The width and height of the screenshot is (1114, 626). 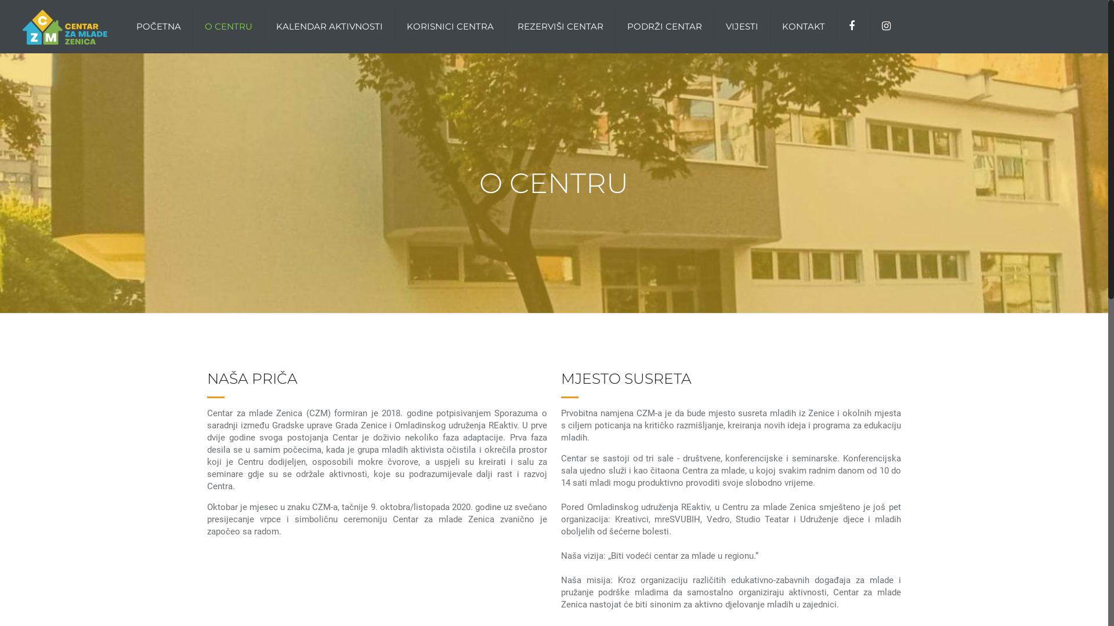 I want to click on 'KALENDAR AKTIVNOSTI', so click(x=329, y=26).